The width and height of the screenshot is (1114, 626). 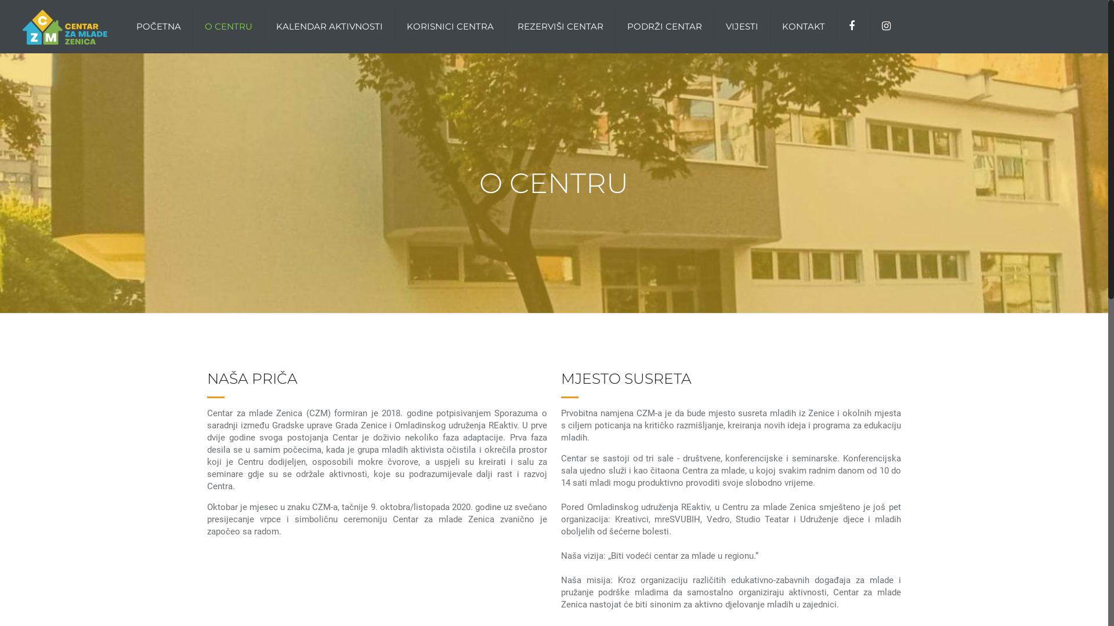 I want to click on 'KALENDAR AKTIVNOSTI', so click(x=329, y=26).